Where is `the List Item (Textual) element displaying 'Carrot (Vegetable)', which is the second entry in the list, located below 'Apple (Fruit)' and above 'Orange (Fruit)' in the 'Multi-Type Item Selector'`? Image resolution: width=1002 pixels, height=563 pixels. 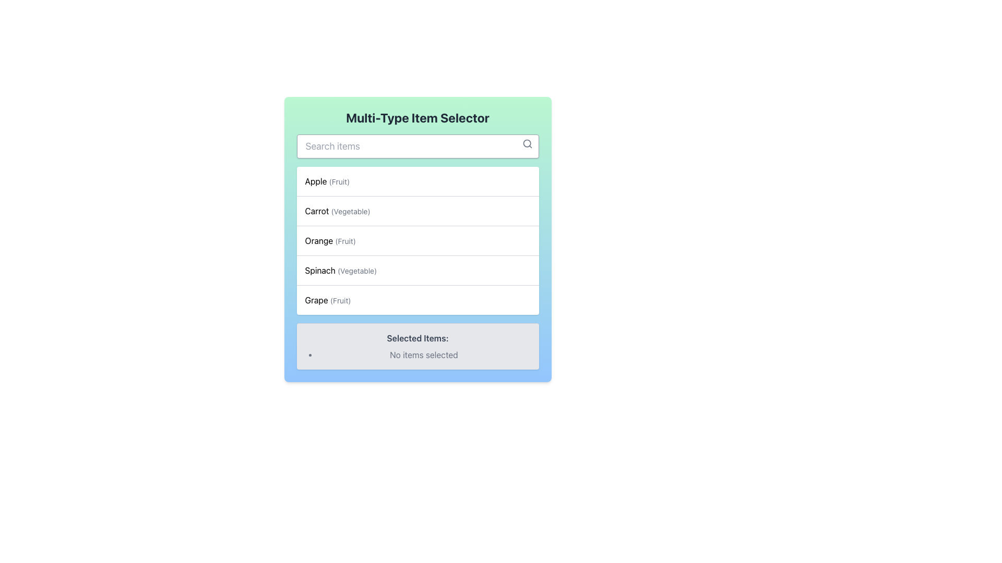 the List Item (Textual) element displaying 'Carrot (Vegetable)', which is the second entry in the list, located below 'Apple (Fruit)' and above 'Orange (Fruit)' in the 'Multi-Type Item Selector' is located at coordinates (338, 211).